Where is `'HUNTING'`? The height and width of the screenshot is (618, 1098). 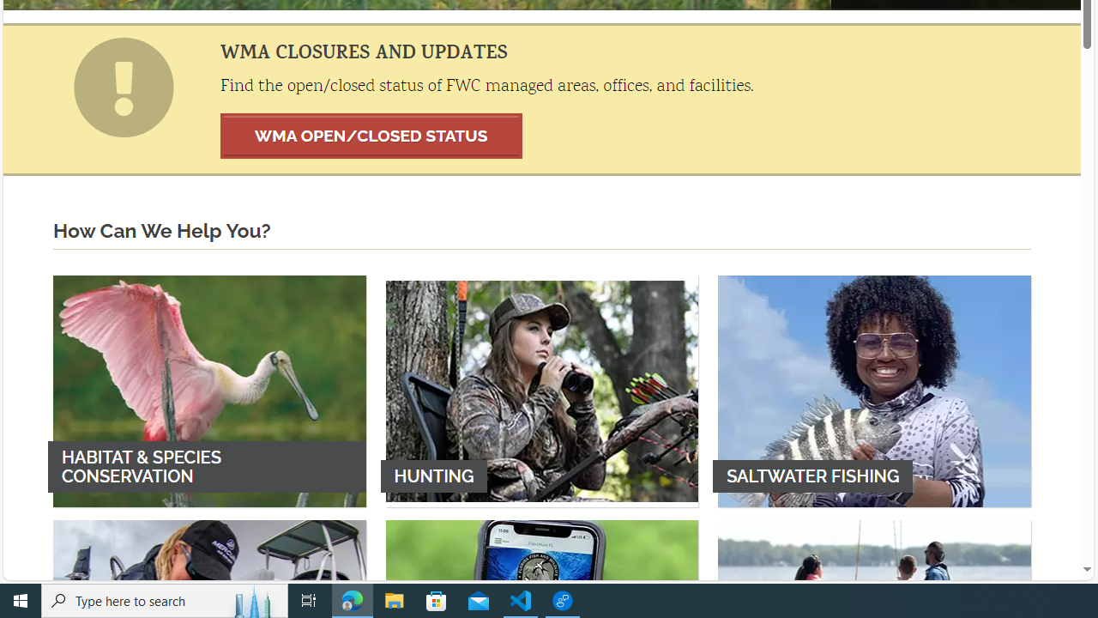 'HUNTING' is located at coordinates (541, 391).